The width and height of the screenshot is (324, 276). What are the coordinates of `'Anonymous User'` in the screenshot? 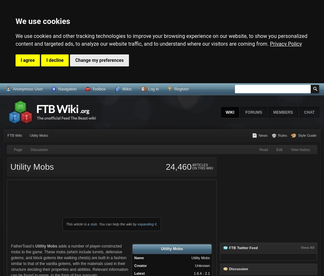 It's located at (28, 89).